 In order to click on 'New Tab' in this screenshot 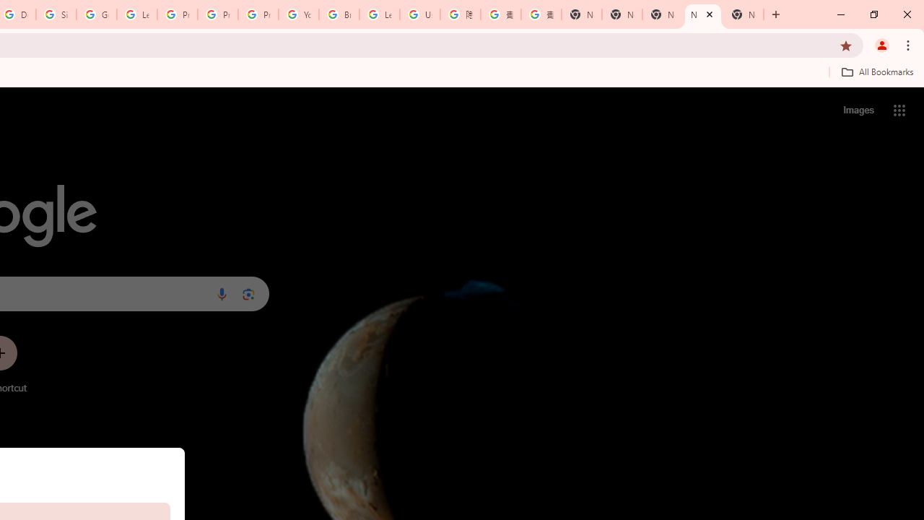, I will do `click(744, 14)`.